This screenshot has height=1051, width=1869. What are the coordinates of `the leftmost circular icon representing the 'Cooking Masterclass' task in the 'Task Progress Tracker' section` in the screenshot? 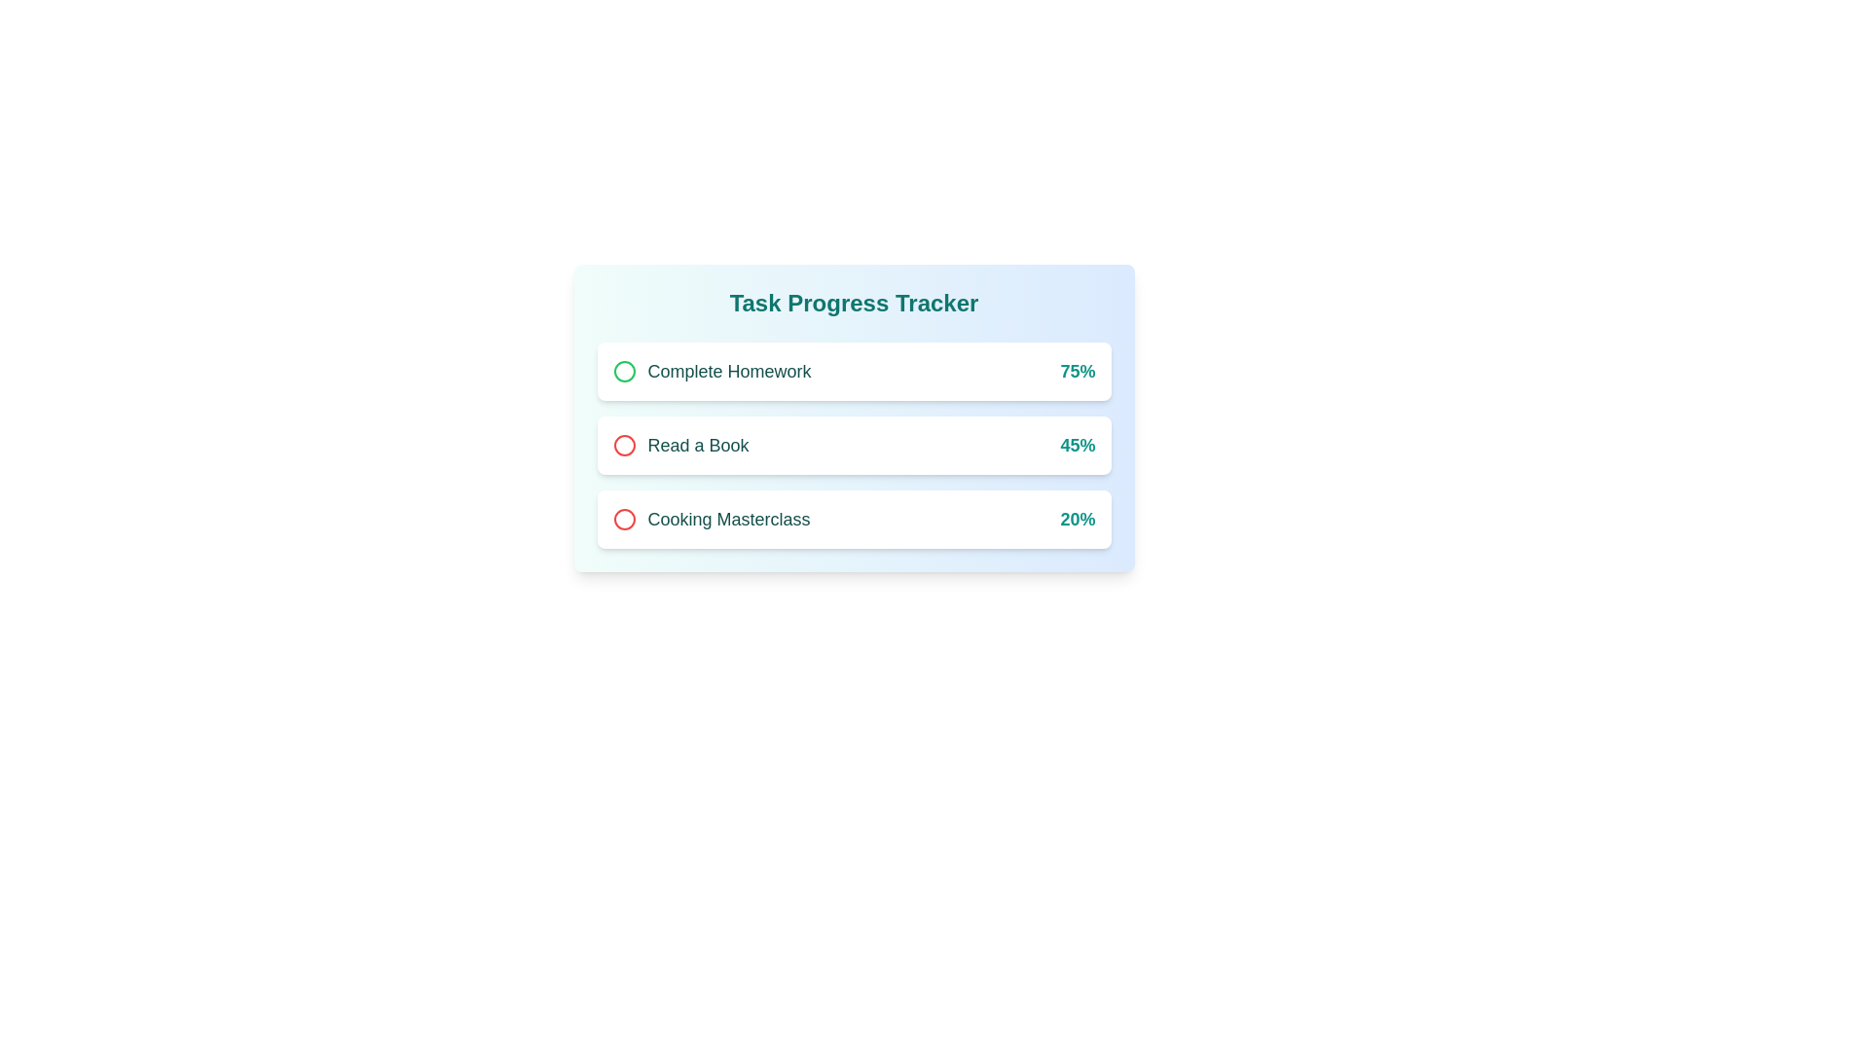 It's located at (624, 518).